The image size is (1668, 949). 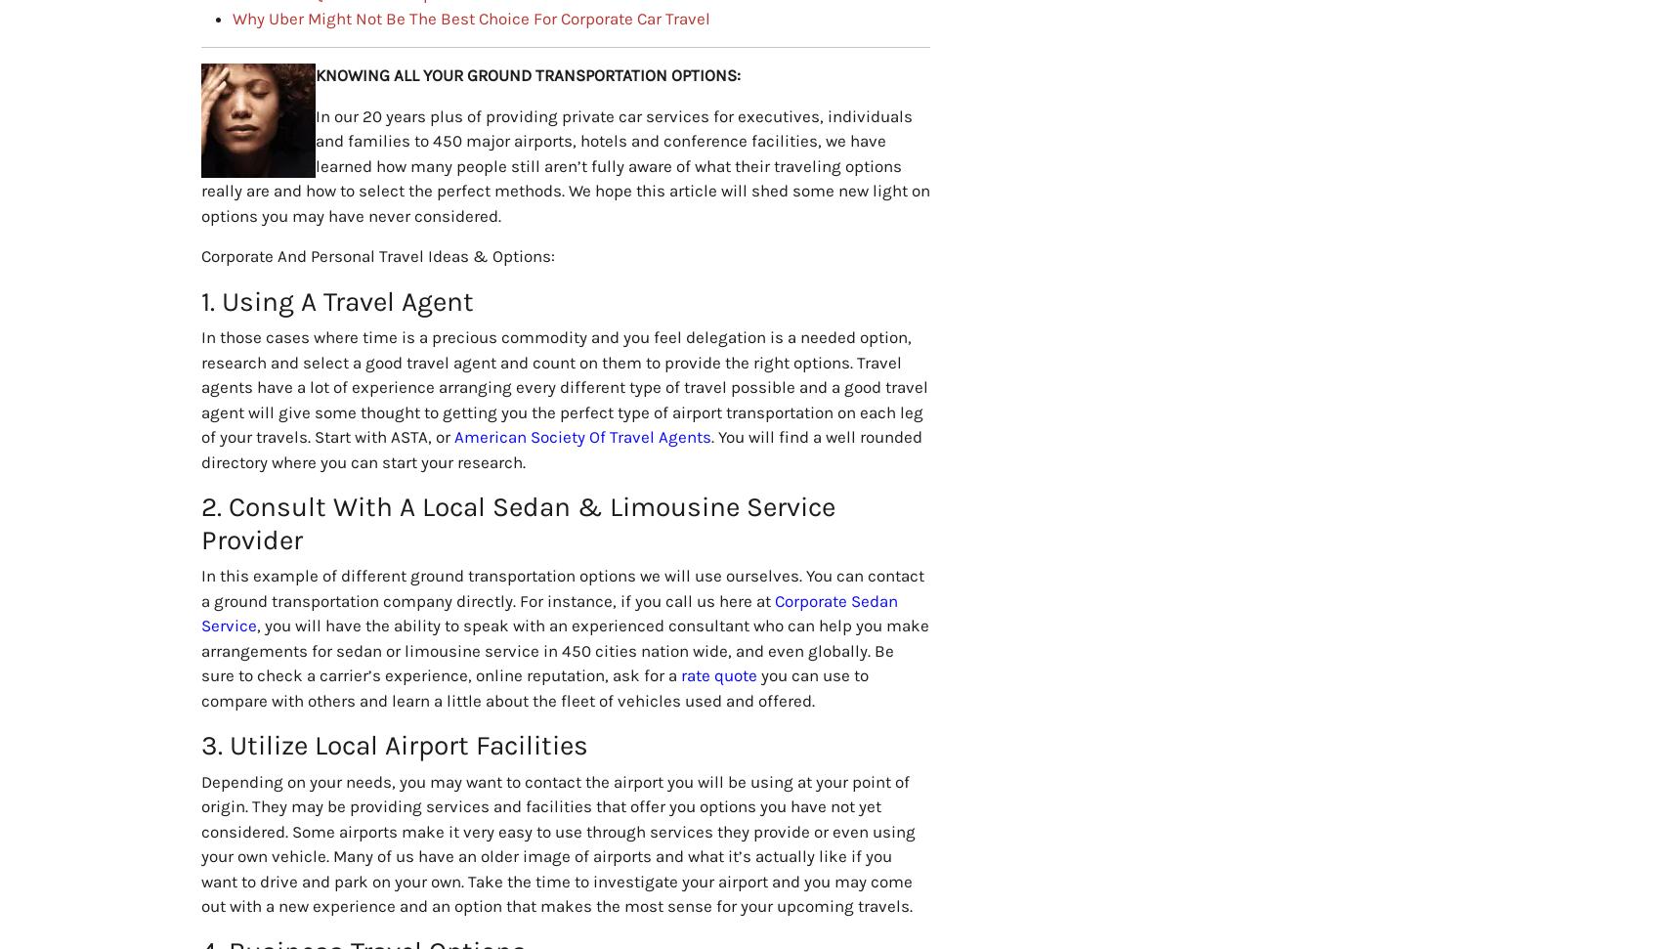 What do you see at coordinates (539, 651) in the screenshot?
I see `'Blog'` at bounding box center [539, 651].